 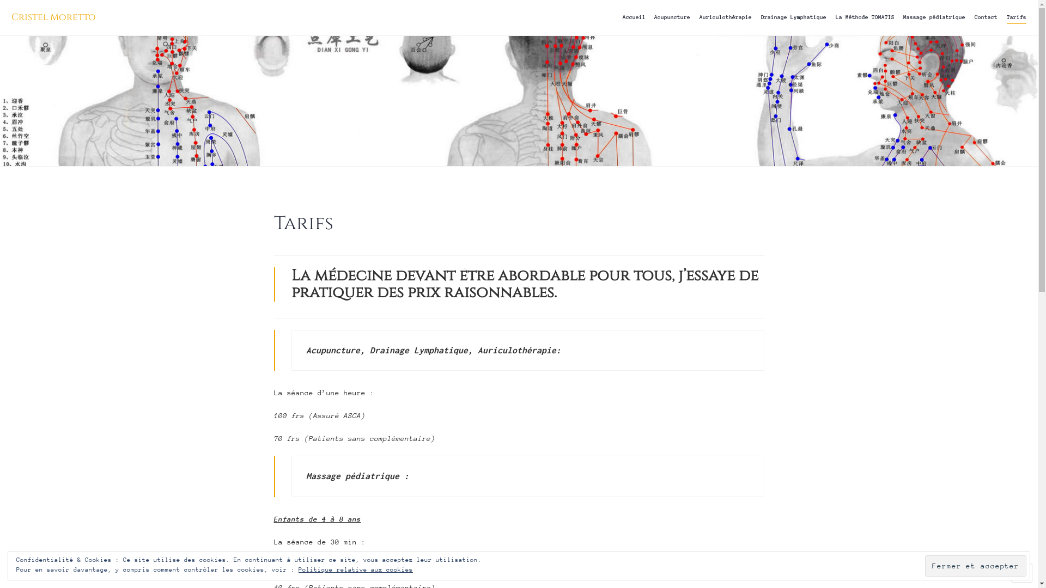 I want to click on 'Cristel Moretto', so click(x=53, y=17).